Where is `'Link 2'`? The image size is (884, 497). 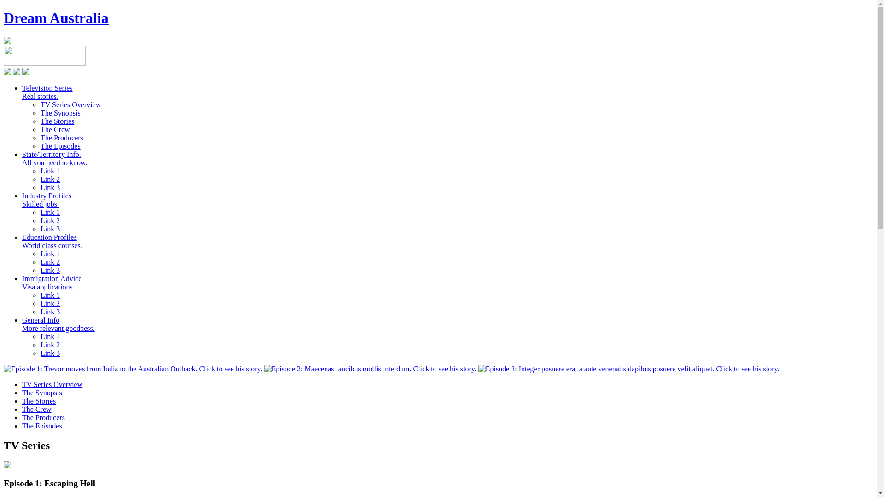 'Link 2' is located at coordinates (50, 262).